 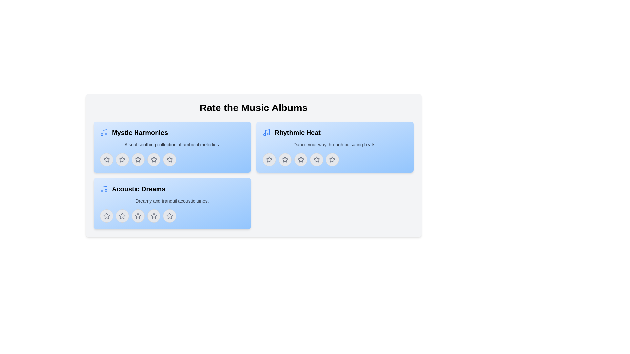 I want to click on the fifth star icon in the 'Acoustic Dreams' section, so click(x=170, y=216).